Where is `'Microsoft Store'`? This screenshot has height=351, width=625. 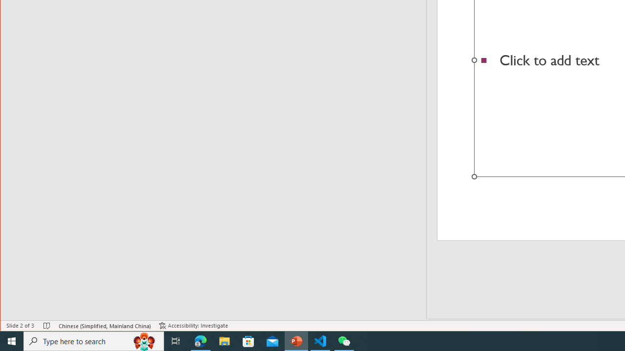 'Microsoft Store' is located at coordinates (249, 340).